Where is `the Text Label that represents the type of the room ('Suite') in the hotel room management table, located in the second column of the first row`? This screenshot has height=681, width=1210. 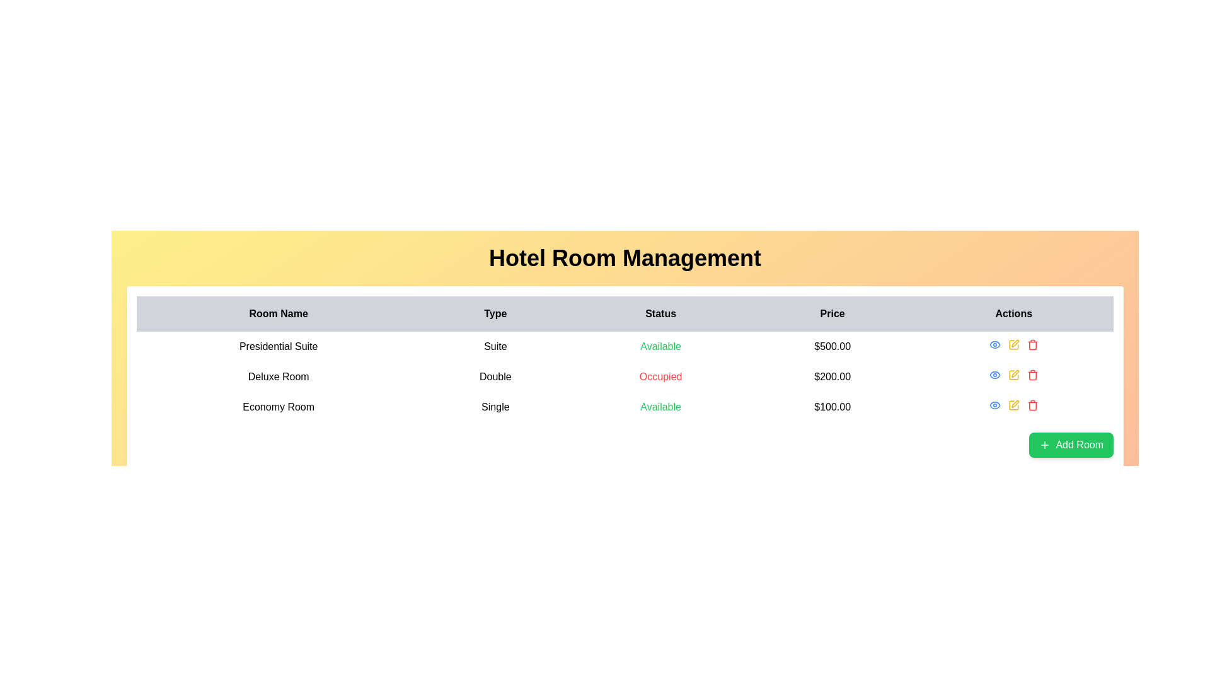 the Text Label that represents the type of the room ('Suite') in the hotel room management table, located in the second column of the first row is located at coordinates (495, 347).